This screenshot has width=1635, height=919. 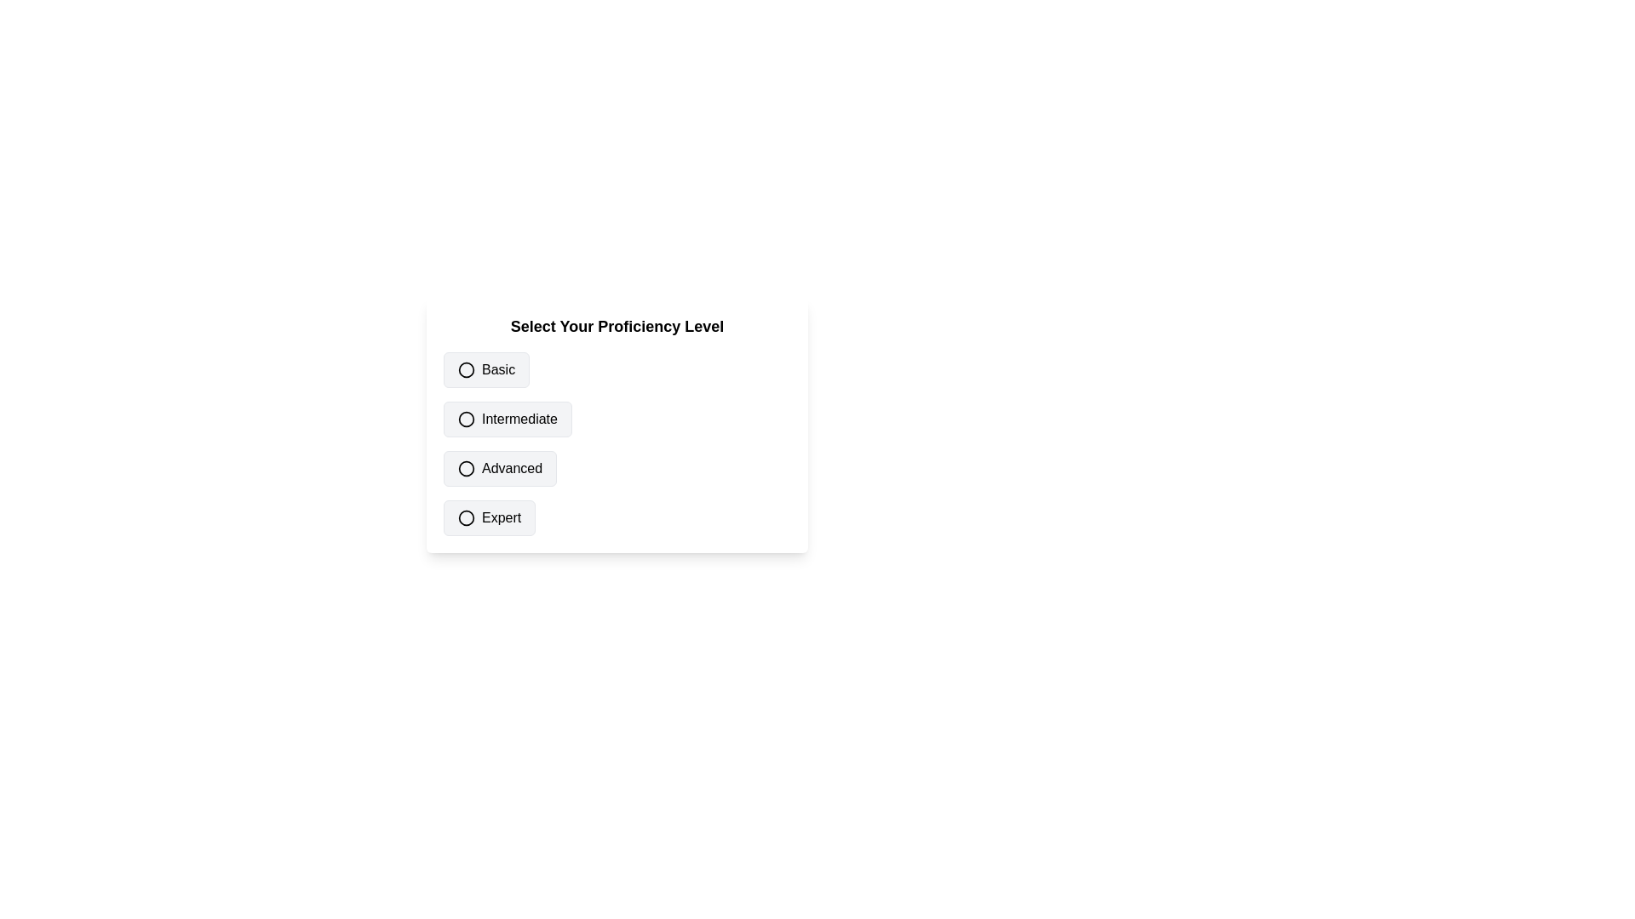 I want to click on the 'Expert' proficiency level button, which is a button-like interactive element with an embedded radio button located in the bottom-most position of the group in the card layout titled 'Select Your Proficiency Level', so click(x=489, y=517).